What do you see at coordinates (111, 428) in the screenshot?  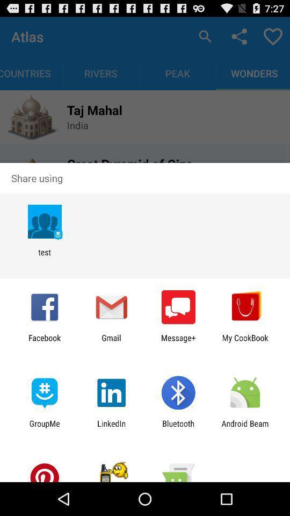 I see `the item to the left of bluetooth icon` at bounding box center [111, 428].